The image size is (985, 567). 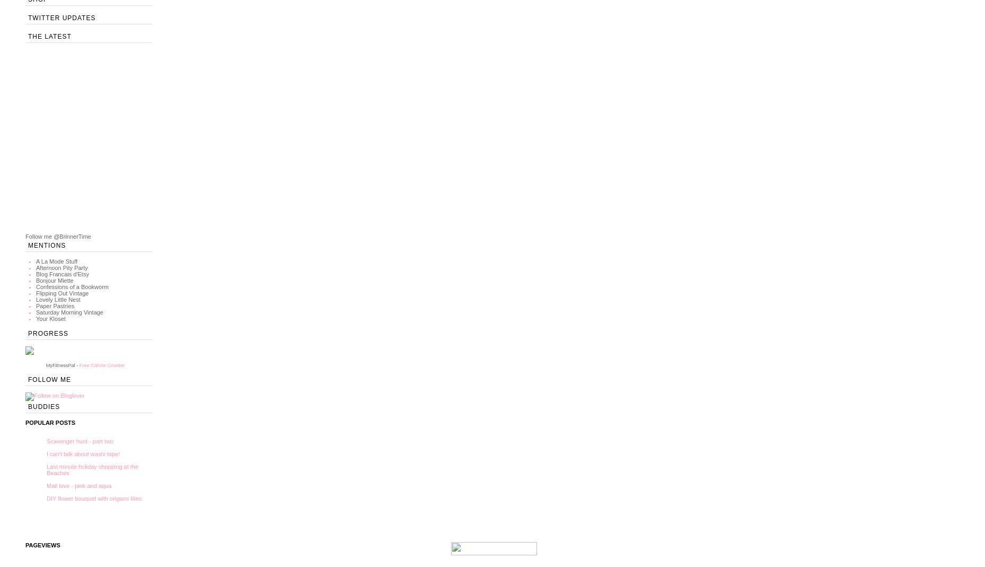 What do you see at coordinates (54, 280) in the screenshot?
I see `'Bonjour Miette'` at bounding box center [54, 280].